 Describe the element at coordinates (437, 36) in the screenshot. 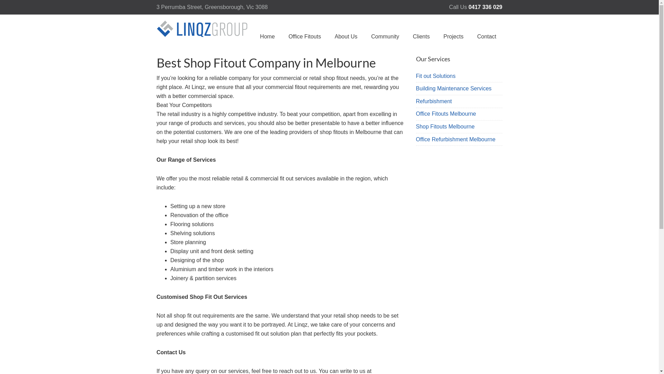

I see `'Projects'` at that location.